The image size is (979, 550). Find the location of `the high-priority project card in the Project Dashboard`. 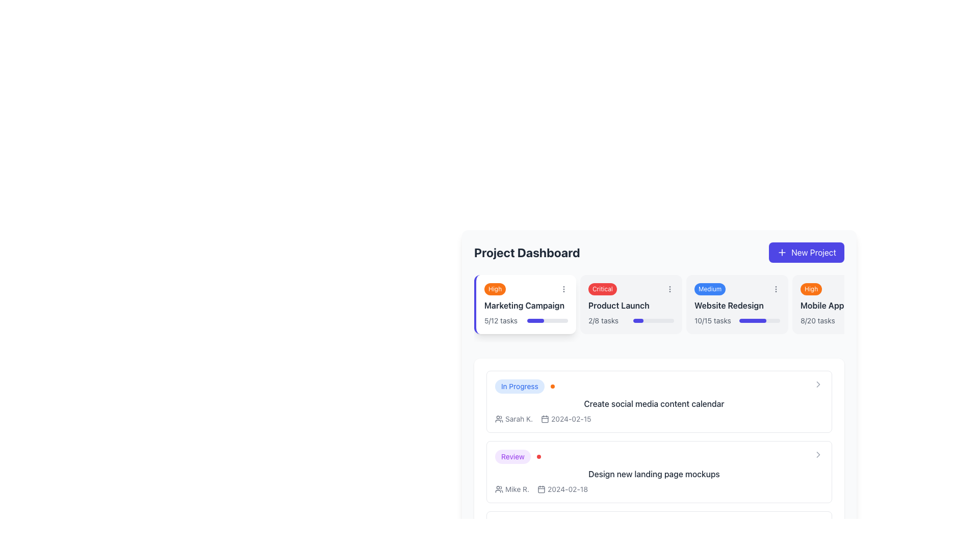

the high-priority project card in the Project Dashboard is located at coordinates (843, 304).